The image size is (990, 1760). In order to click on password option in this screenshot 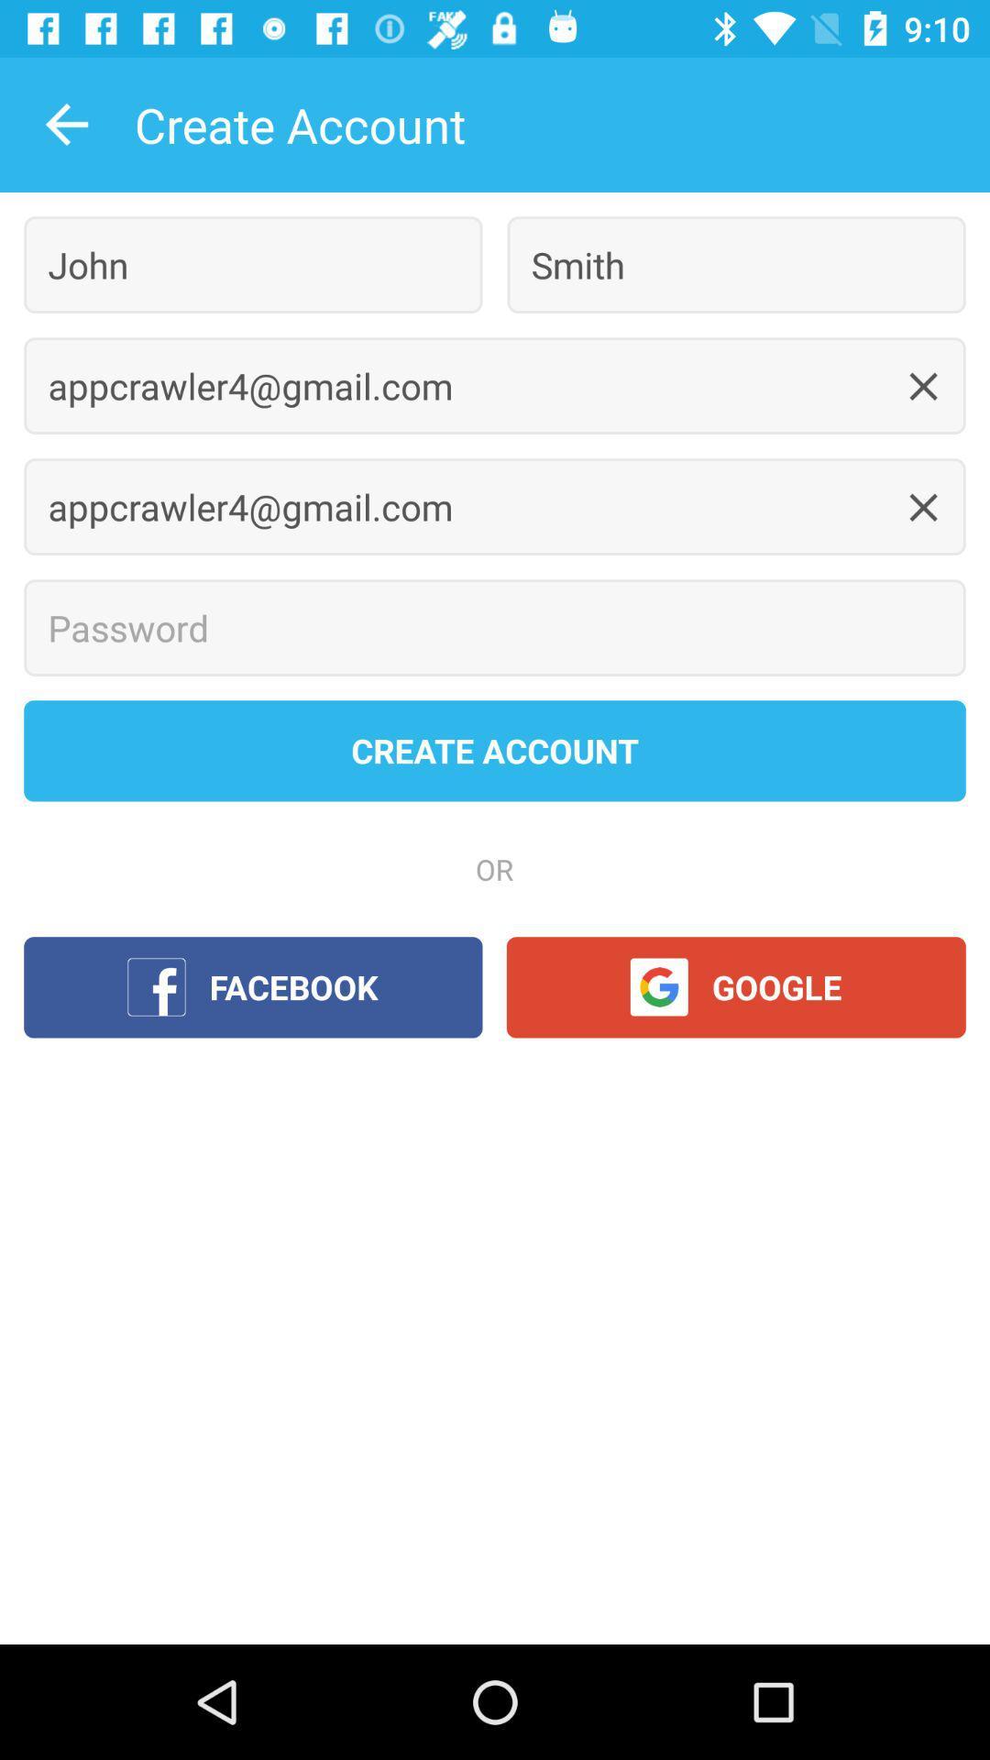, I will do `click(495, 628)`.